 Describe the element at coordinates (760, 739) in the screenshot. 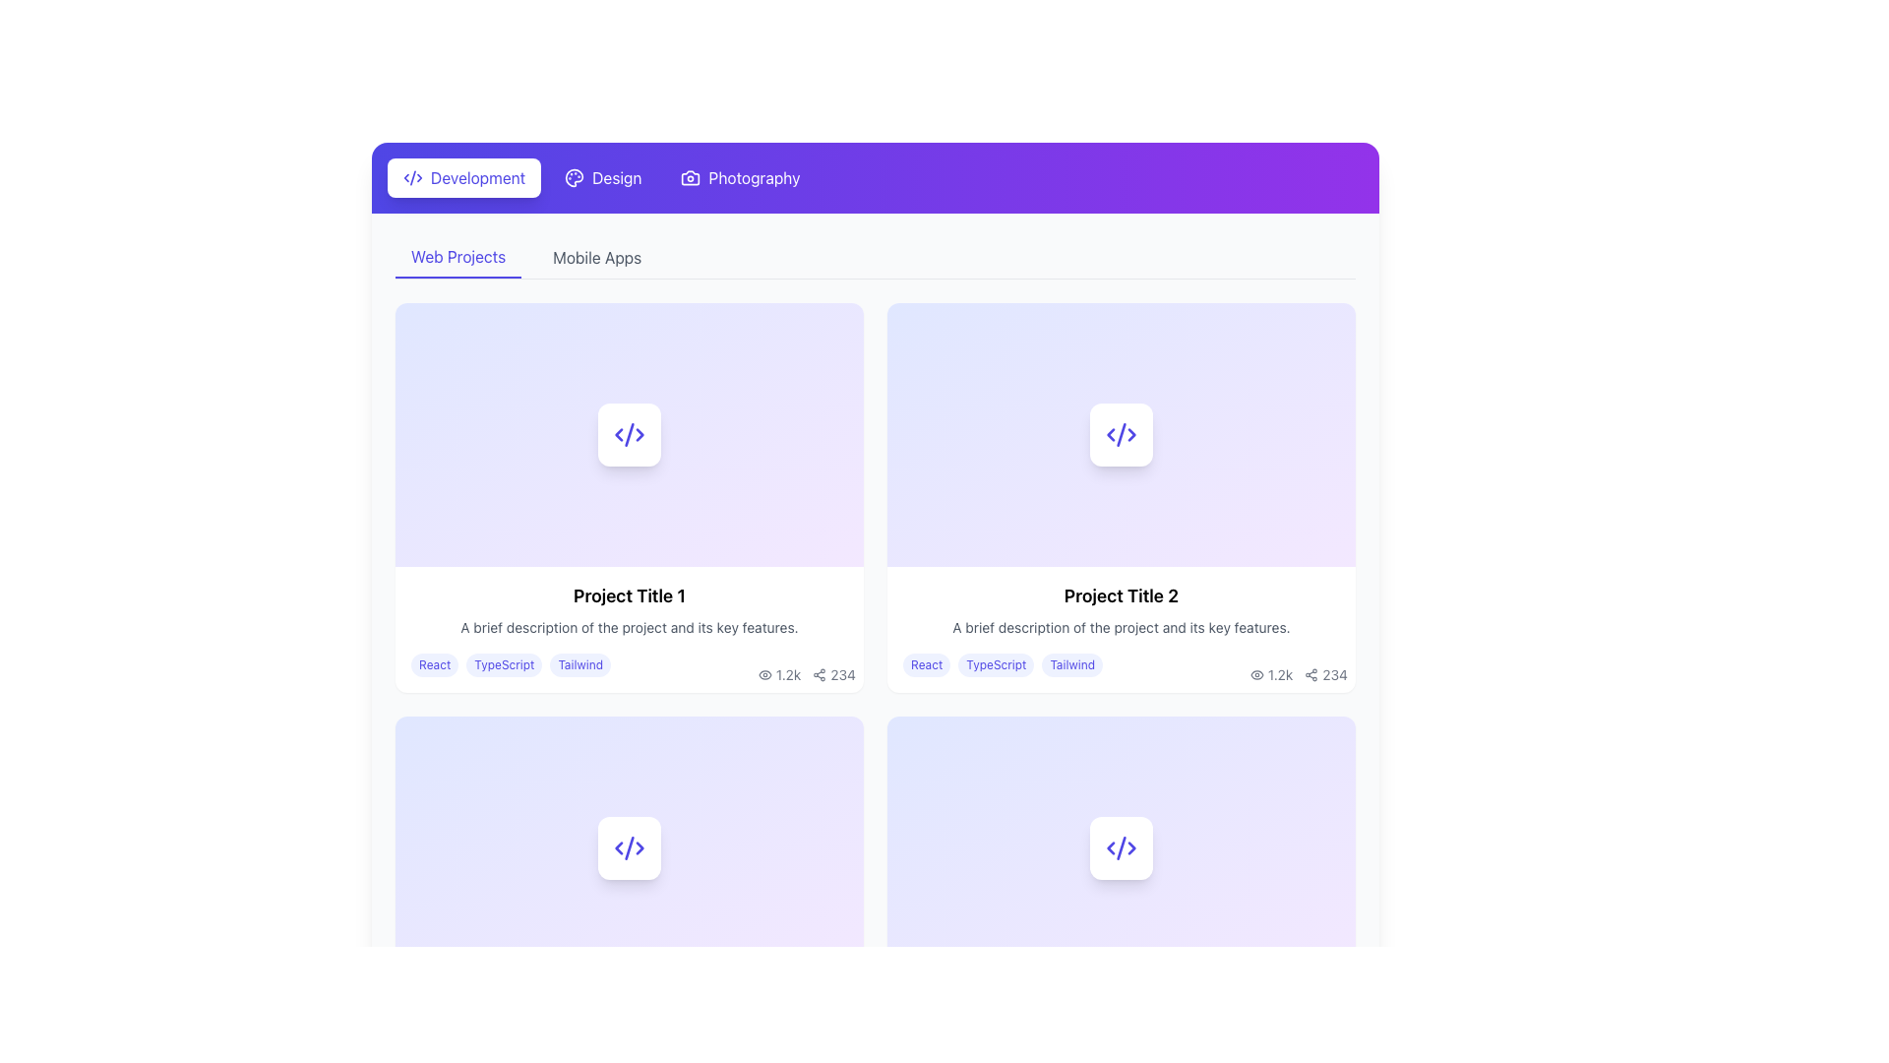

I see `the circular button with a white background that shows a hover effect when the mouse is over it, located in the bottom row of a grid layout as the leftmost button in a group of three` at that location.